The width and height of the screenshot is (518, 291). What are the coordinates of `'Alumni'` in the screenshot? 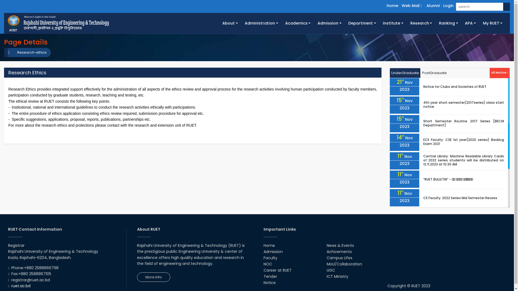 It's located at (433, 5).